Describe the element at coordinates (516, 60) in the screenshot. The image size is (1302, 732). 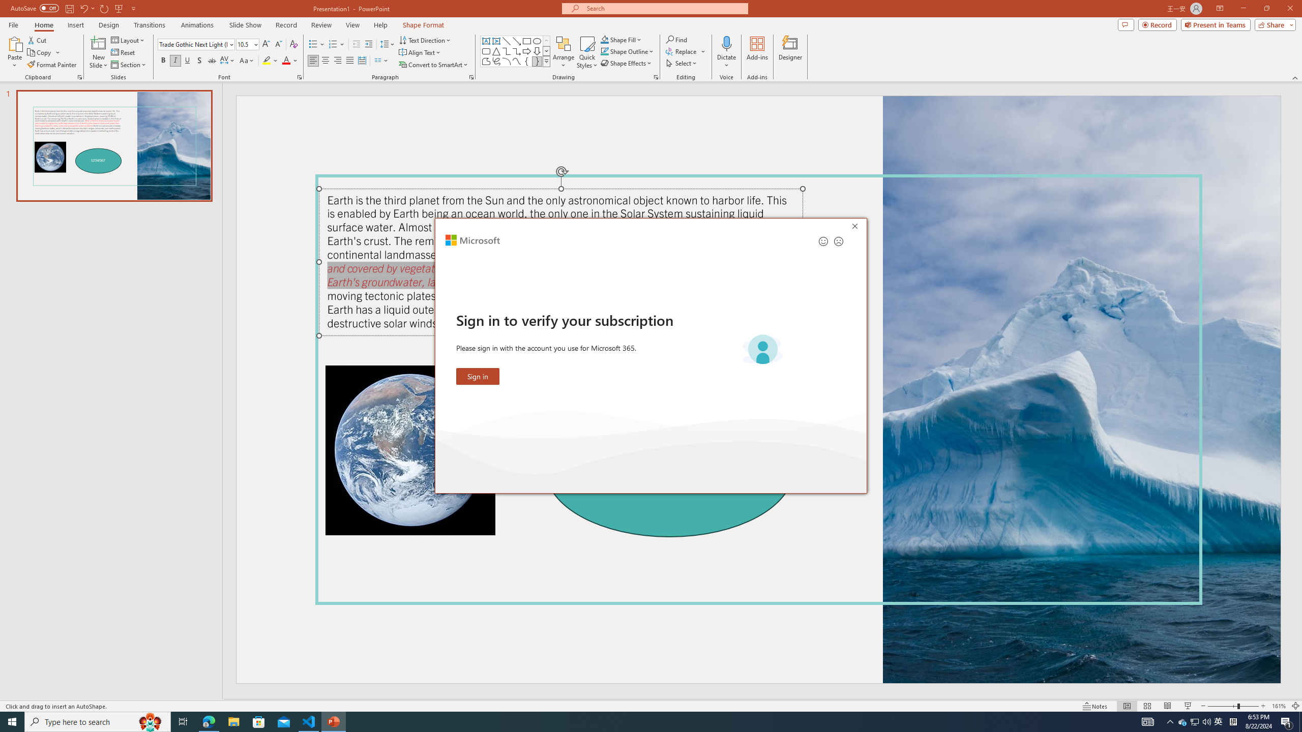
I see `'Curve'` at that location.